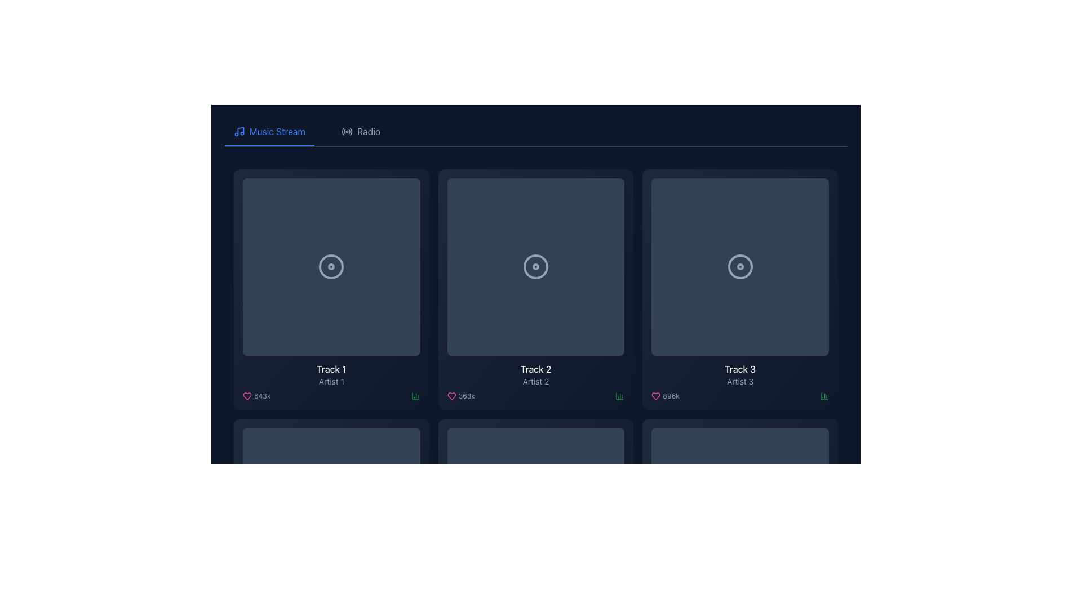 Image resolution: width=1082 pixels, height=608 pixels. What do you see at coordinates (740, 267) in the screenshot?
I see `the larger SVG circle element in the rightmost card of the top row, which serves a decorative purpose related to music or tracks` at bounding box center [740, 267].